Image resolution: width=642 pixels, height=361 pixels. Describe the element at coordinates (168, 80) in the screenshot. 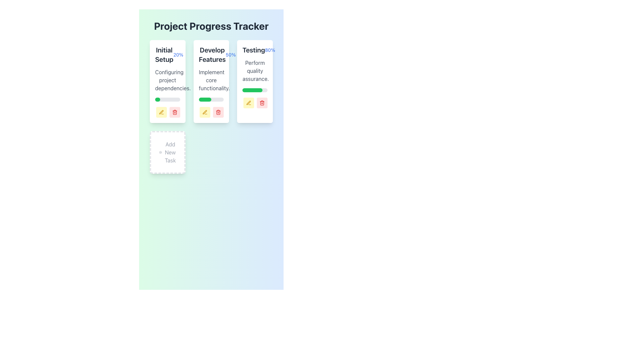

I see `the text label that reads 'Configuring project dependencies.' styled in gray font, located below the 'Initial Setup 20%' header and above the green progress bar within the white rounded rectangular card` at that location.